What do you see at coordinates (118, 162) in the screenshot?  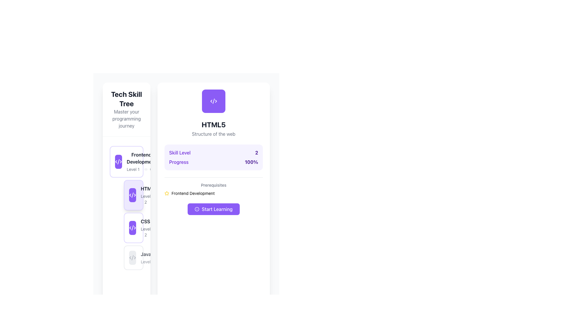 I see `the violet square icon with rounded corners that represents XML code brackets, positioned to the left of the 'Frontend Development Level 10%' card in the skill tree` at bounding box center [118, 162].